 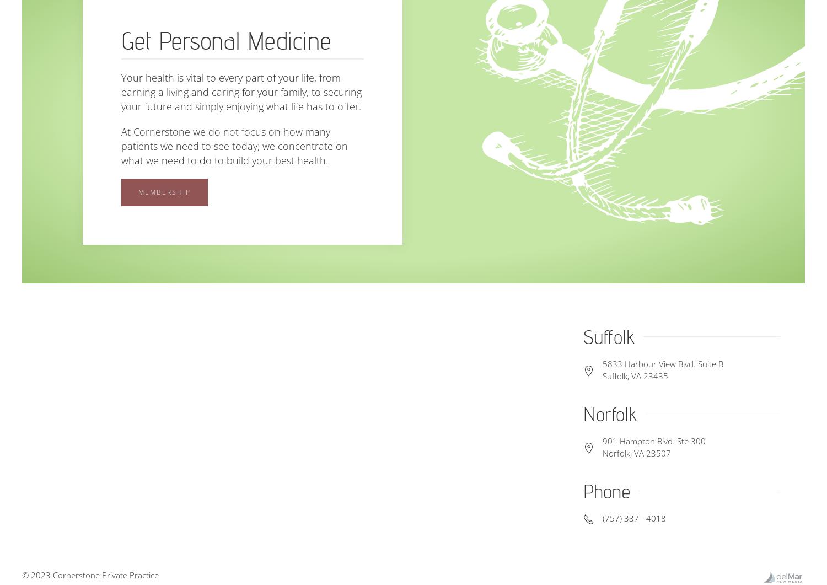 What do you see at coordinates (164, 191) in the screenshot?
I see `'Membership'` at bounding box center [164, 191].